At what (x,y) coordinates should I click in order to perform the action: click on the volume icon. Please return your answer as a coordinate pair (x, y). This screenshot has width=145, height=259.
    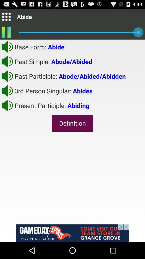
    Looking at the image, I should click on (7, 97).